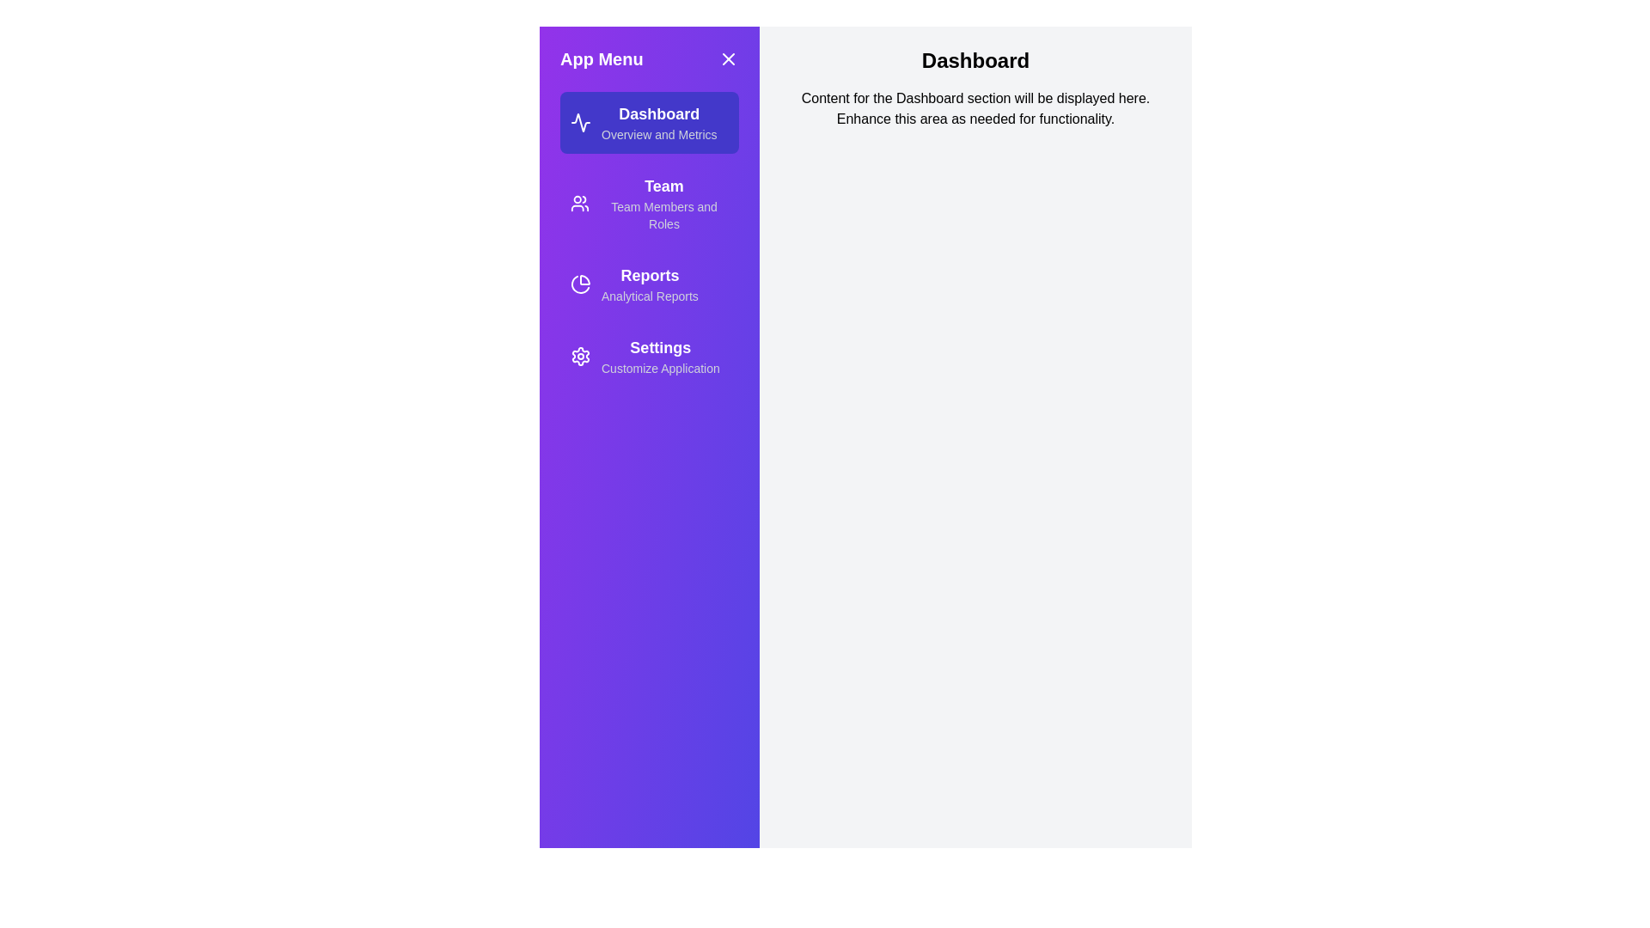 This screenshot has width=1650, height=928. Describe the element at coordinates (648, 202) in the screenshot. I see `the section Team from the menu` at that location.